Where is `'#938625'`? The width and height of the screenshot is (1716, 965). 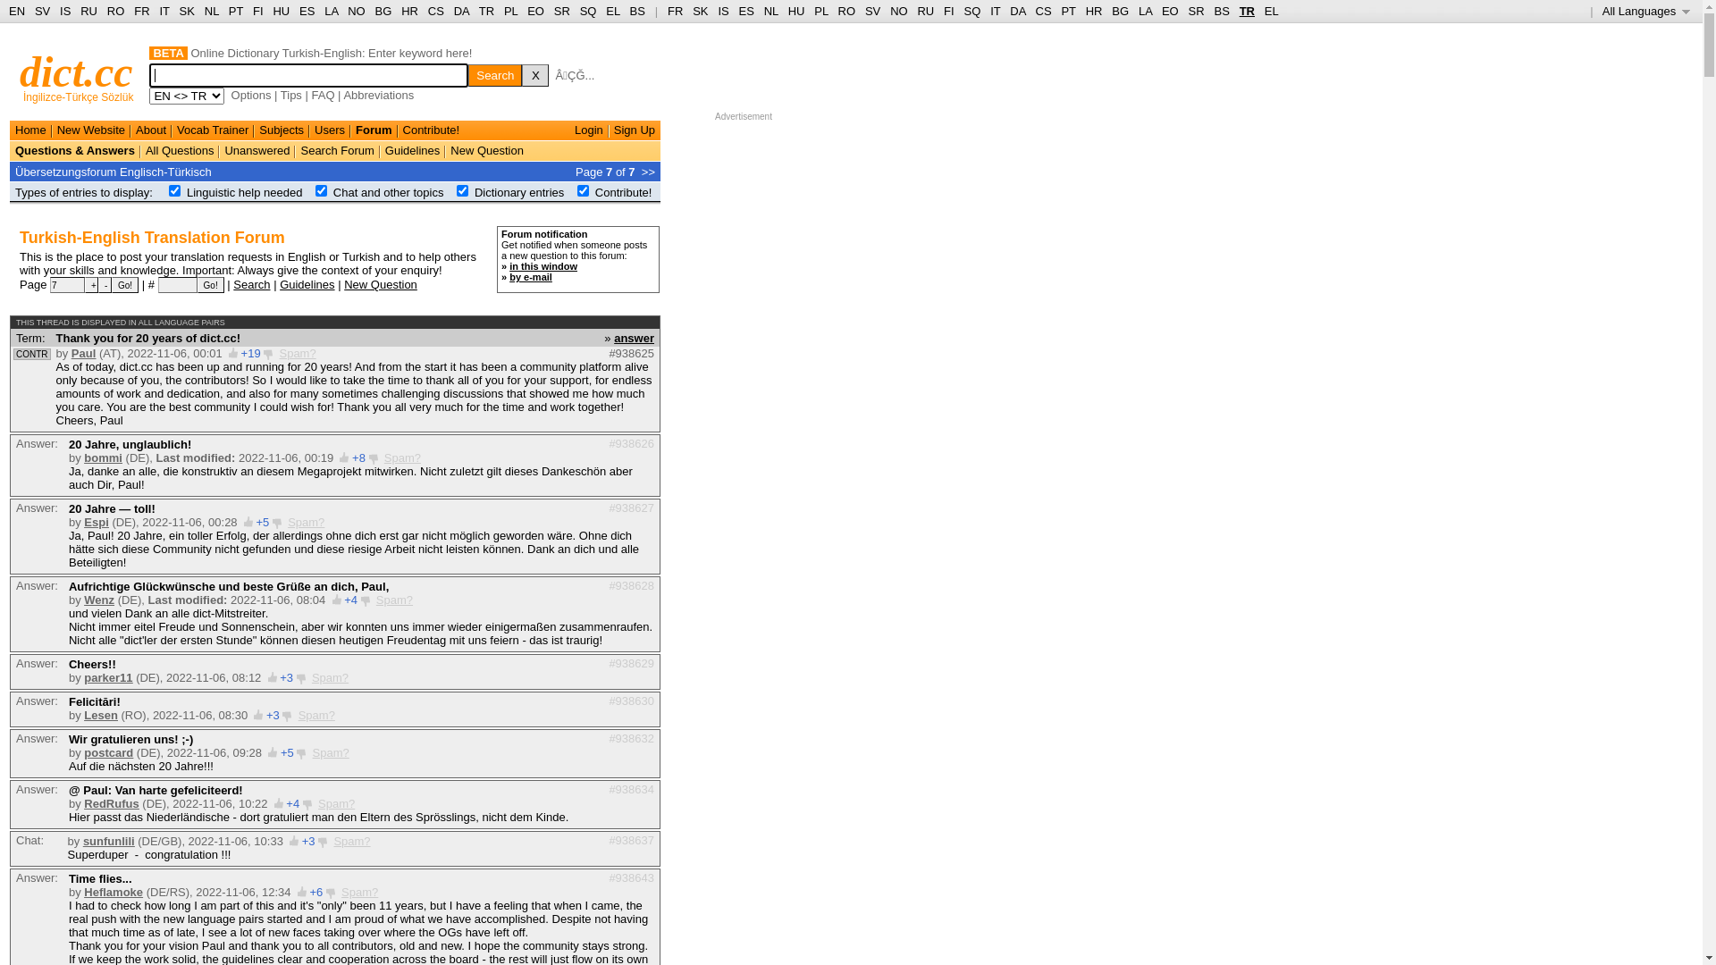
'#938625' is located at coordinates (631, 353).